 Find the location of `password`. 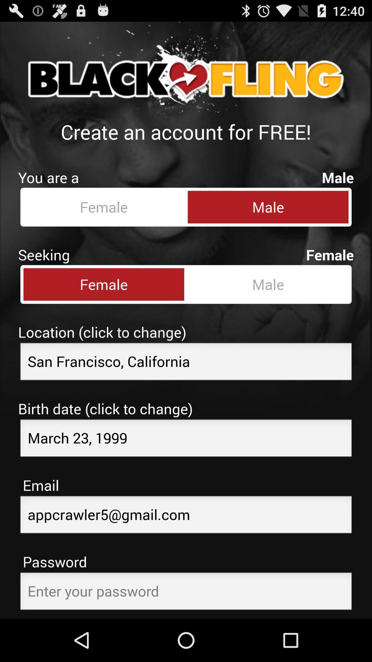

password is located at coordinates (186, 593).